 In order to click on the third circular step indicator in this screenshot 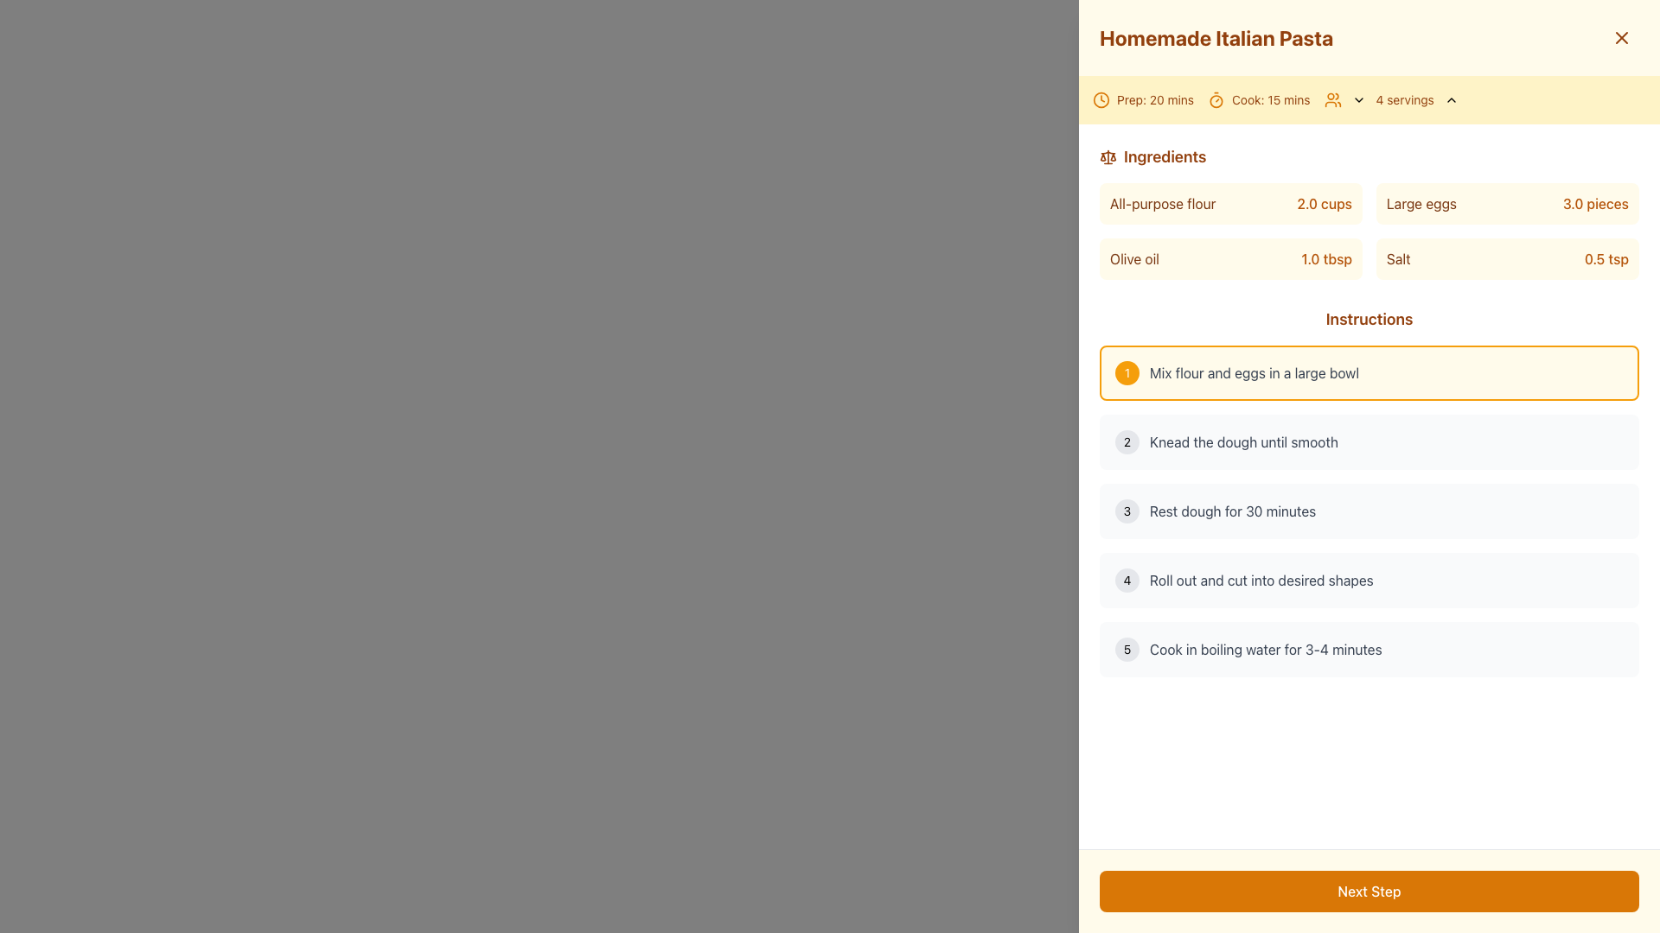, I will do `click(1127, 510)`.